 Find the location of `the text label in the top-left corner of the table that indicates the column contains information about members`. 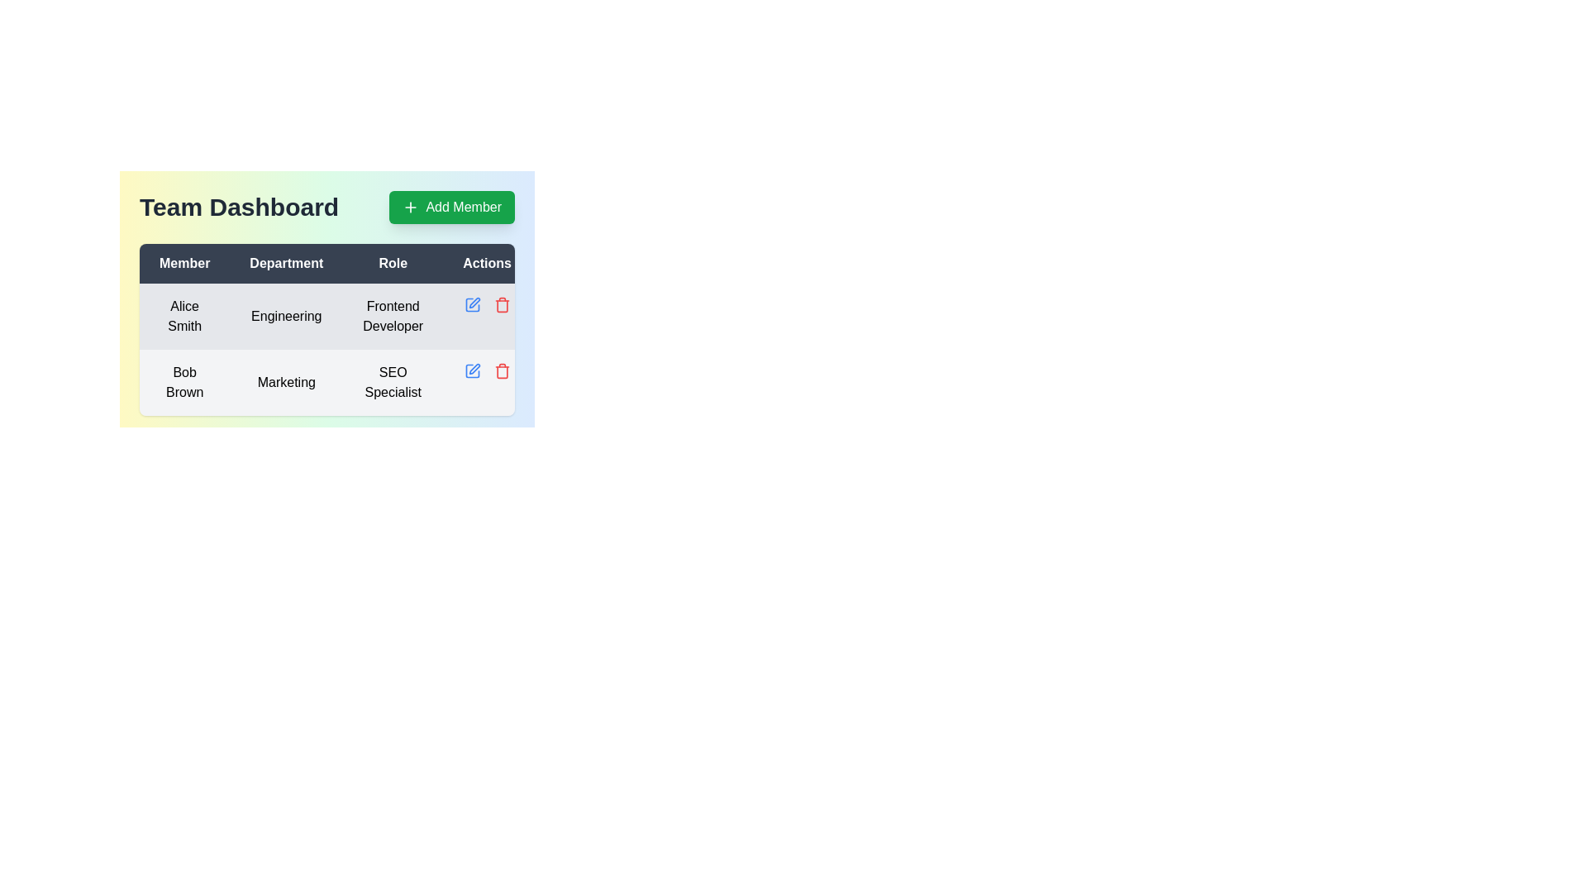

the text label in the top-left corner of the table that indicates the column contains information about members is located at coordinates (184, 263).